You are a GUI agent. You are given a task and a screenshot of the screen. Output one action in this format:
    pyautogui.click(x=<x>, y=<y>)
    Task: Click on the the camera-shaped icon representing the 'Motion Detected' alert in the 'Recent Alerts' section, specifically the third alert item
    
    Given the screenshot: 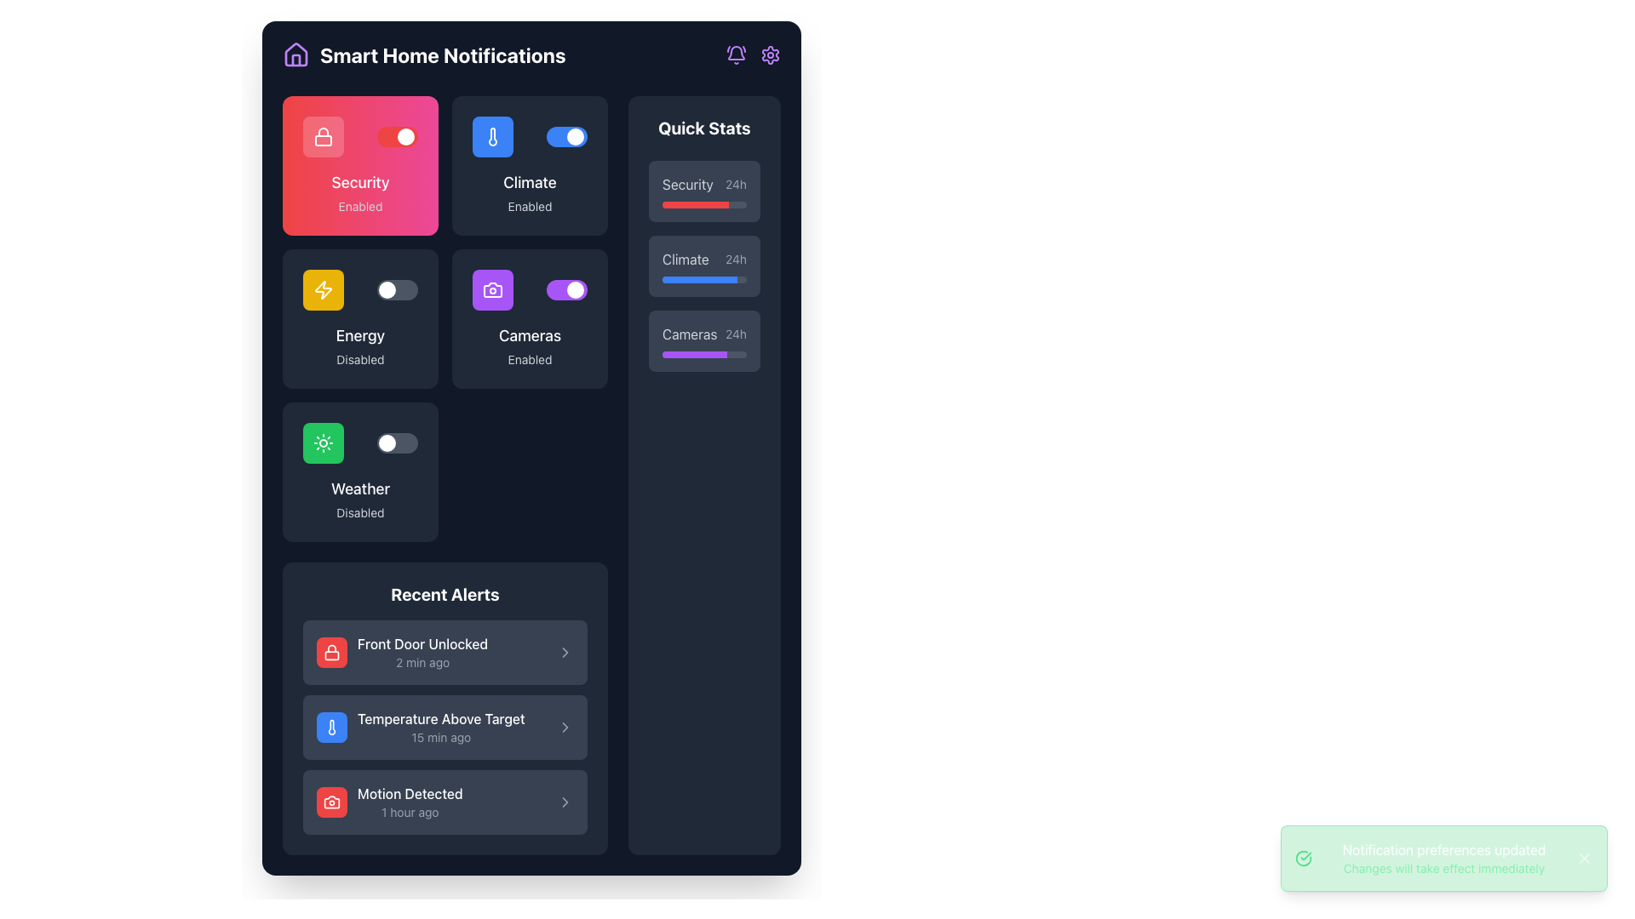 What is the action you would take?
    pyautogui.click(x=331, y=802)
    